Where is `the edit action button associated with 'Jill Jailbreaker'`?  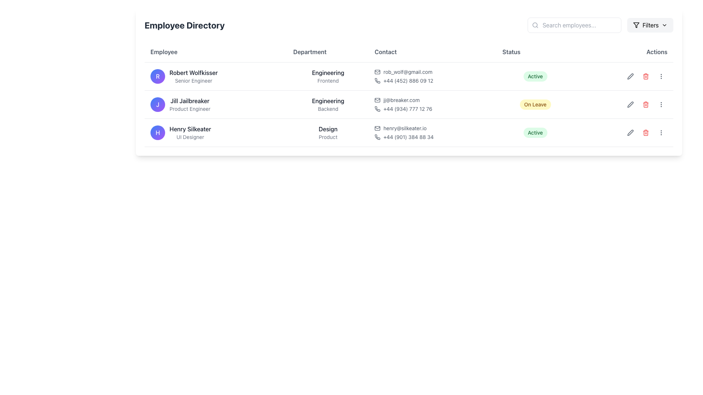
the edit action button associated with 'Jill Jailbreaker' is located at coordinates (630, 104).